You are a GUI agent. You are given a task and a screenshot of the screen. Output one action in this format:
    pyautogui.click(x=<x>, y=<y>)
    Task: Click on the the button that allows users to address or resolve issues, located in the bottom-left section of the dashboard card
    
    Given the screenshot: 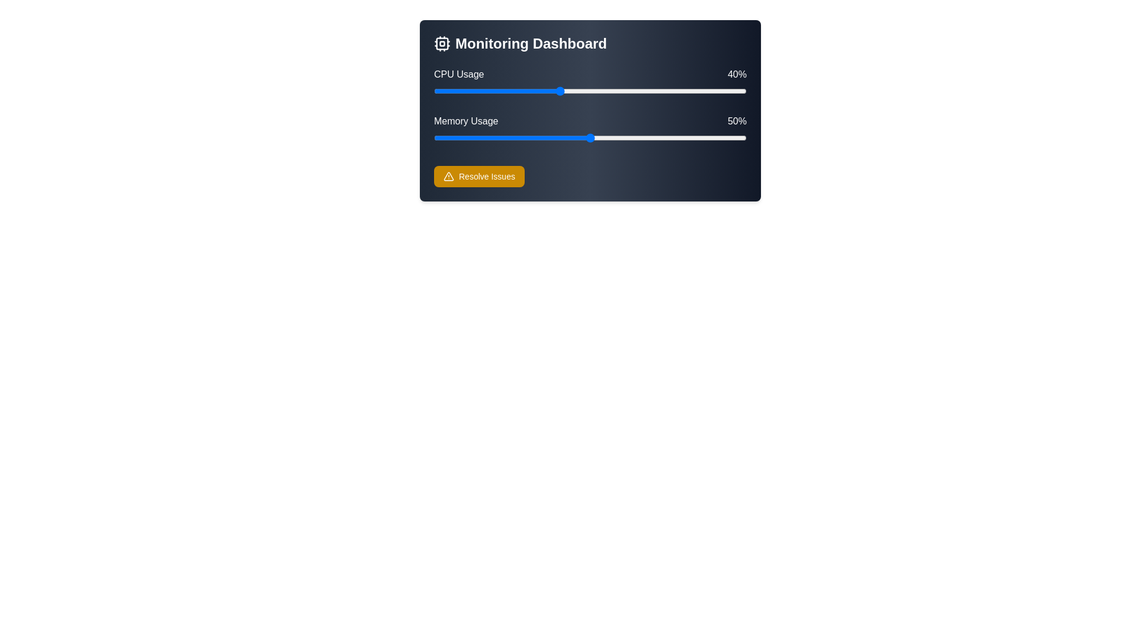 What is the action you would take?
    pyautogui.click(x=479, y=176)
    